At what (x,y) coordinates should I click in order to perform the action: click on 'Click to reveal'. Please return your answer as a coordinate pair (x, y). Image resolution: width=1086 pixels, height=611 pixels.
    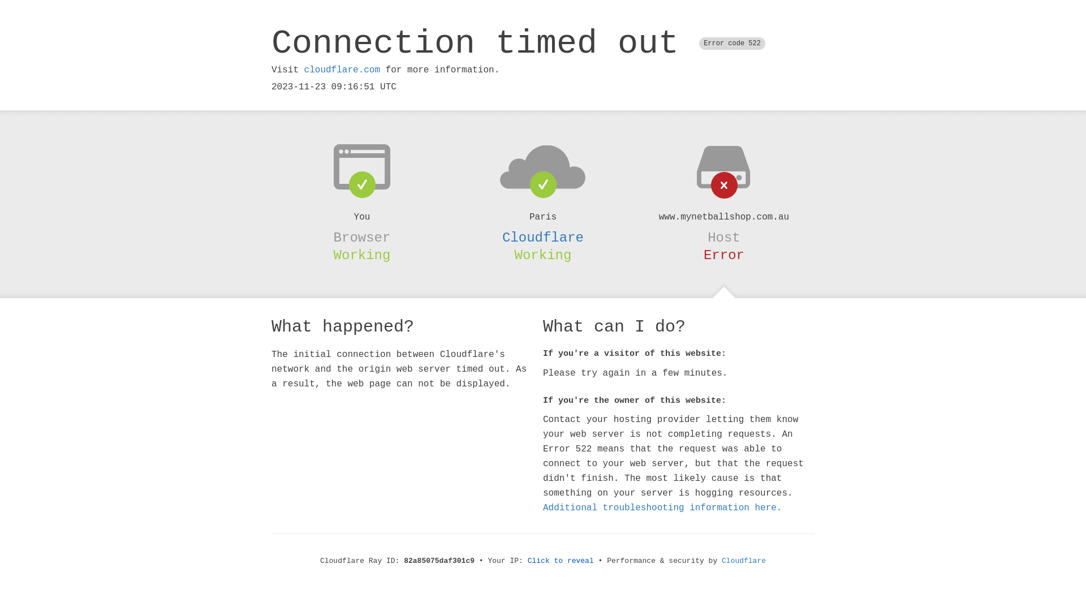
    Looking at the image, I should click on (561, 561).